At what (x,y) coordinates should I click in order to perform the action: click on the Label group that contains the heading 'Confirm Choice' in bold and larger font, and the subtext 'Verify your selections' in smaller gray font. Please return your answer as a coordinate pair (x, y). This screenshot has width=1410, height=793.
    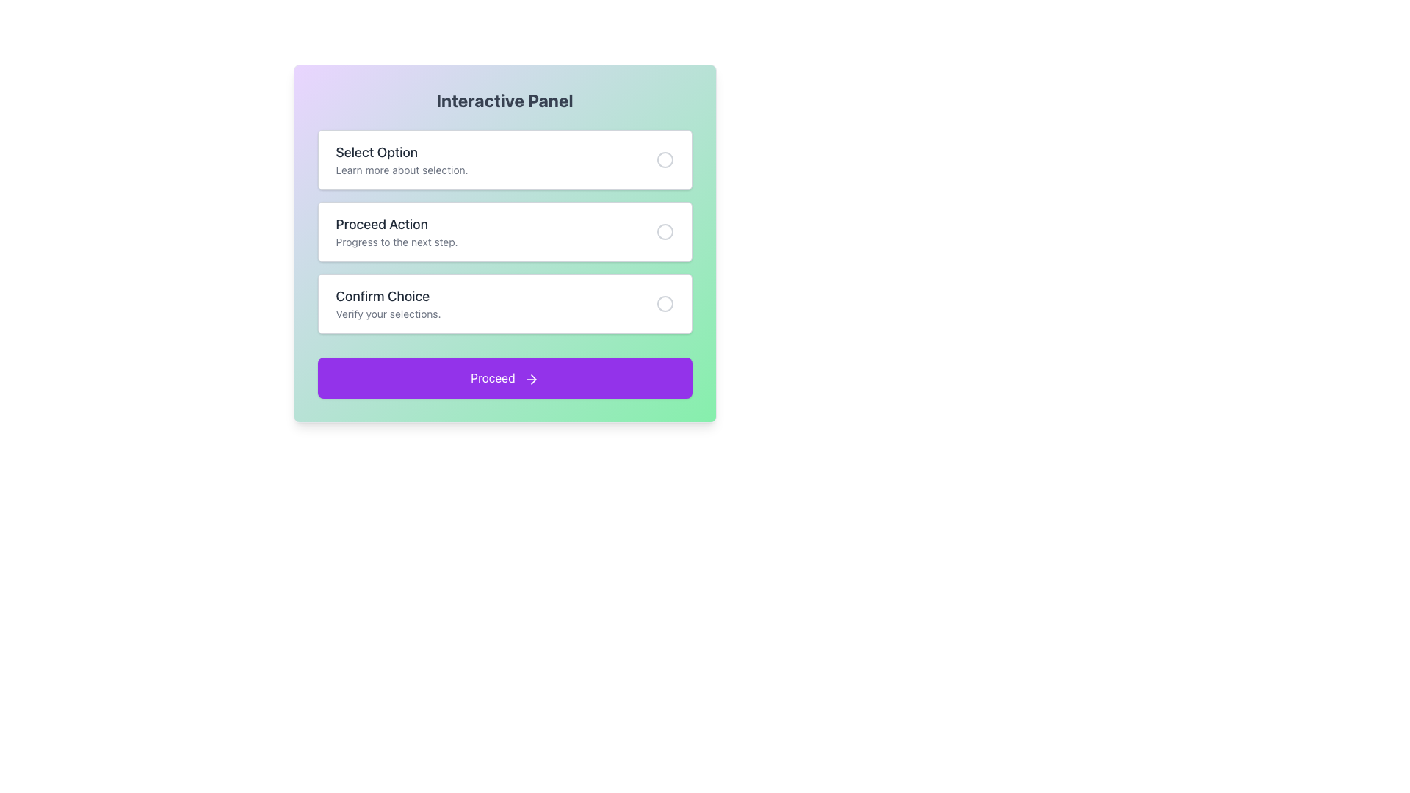
    Looking at the image, I should click on (388, 303).